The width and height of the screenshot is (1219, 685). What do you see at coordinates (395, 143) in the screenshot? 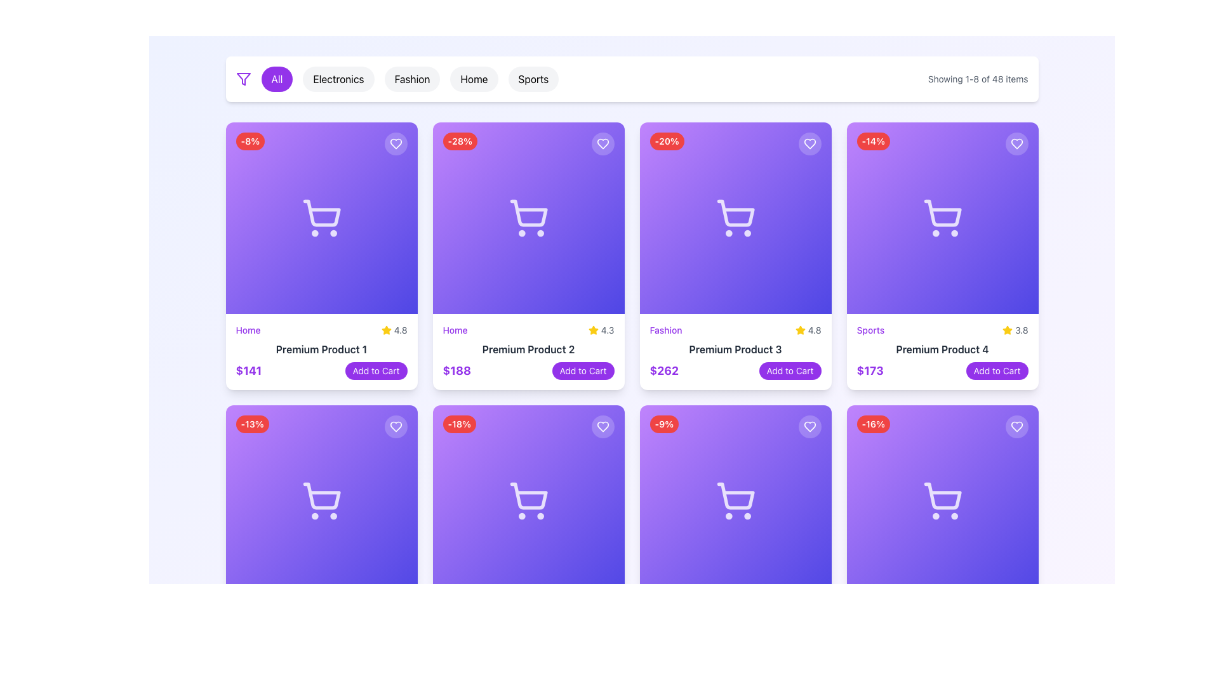
I see `the icon button located in the top-right corner of the second product card in the first row` at bounding box center [395, 143].